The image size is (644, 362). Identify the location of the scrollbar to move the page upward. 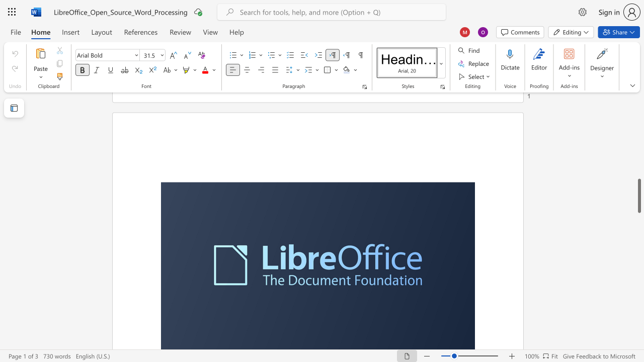
(638, 201).